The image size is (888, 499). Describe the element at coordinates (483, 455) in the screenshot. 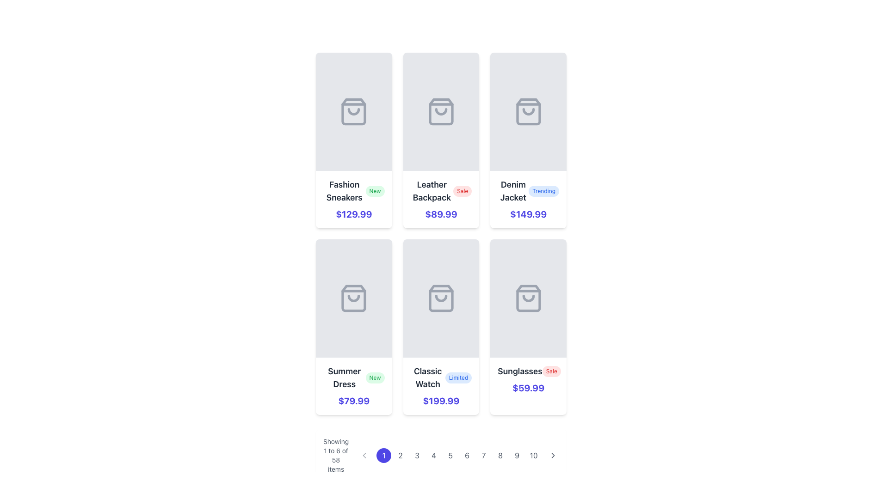

I see `the circular button with a white background and a gray number '7'` at that location.